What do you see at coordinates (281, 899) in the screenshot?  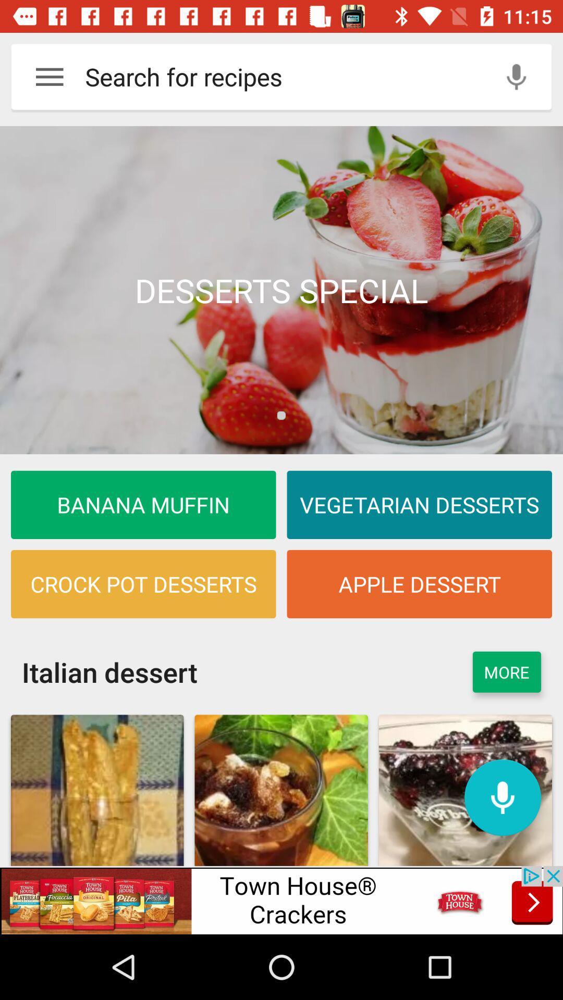 I see `access advertising` at bounding box center [281, 899].